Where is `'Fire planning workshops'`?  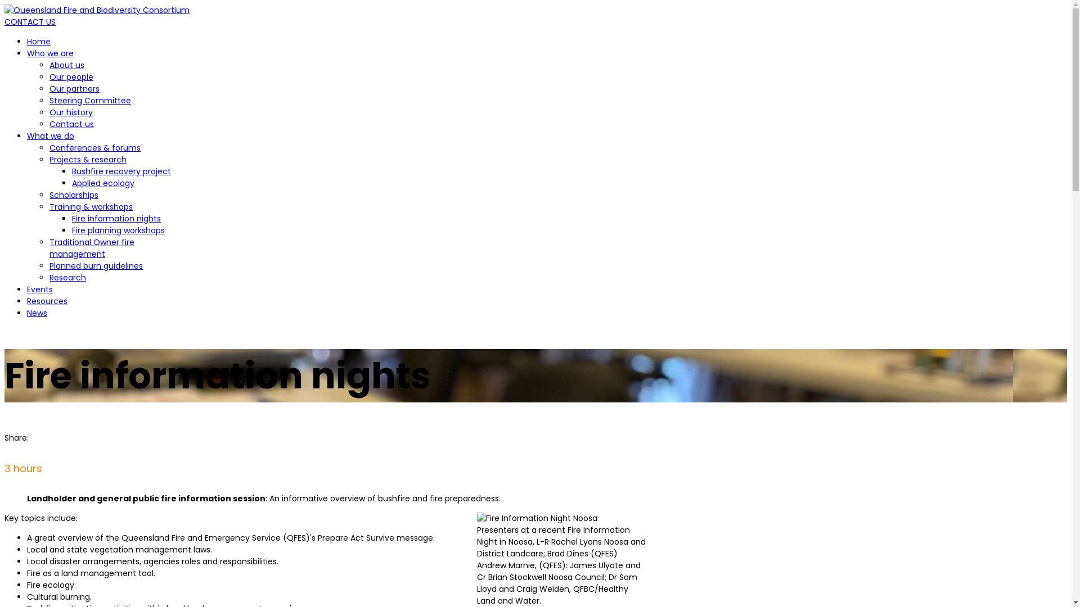 'Fire planning workshops' is located at coordinates (118, 229).